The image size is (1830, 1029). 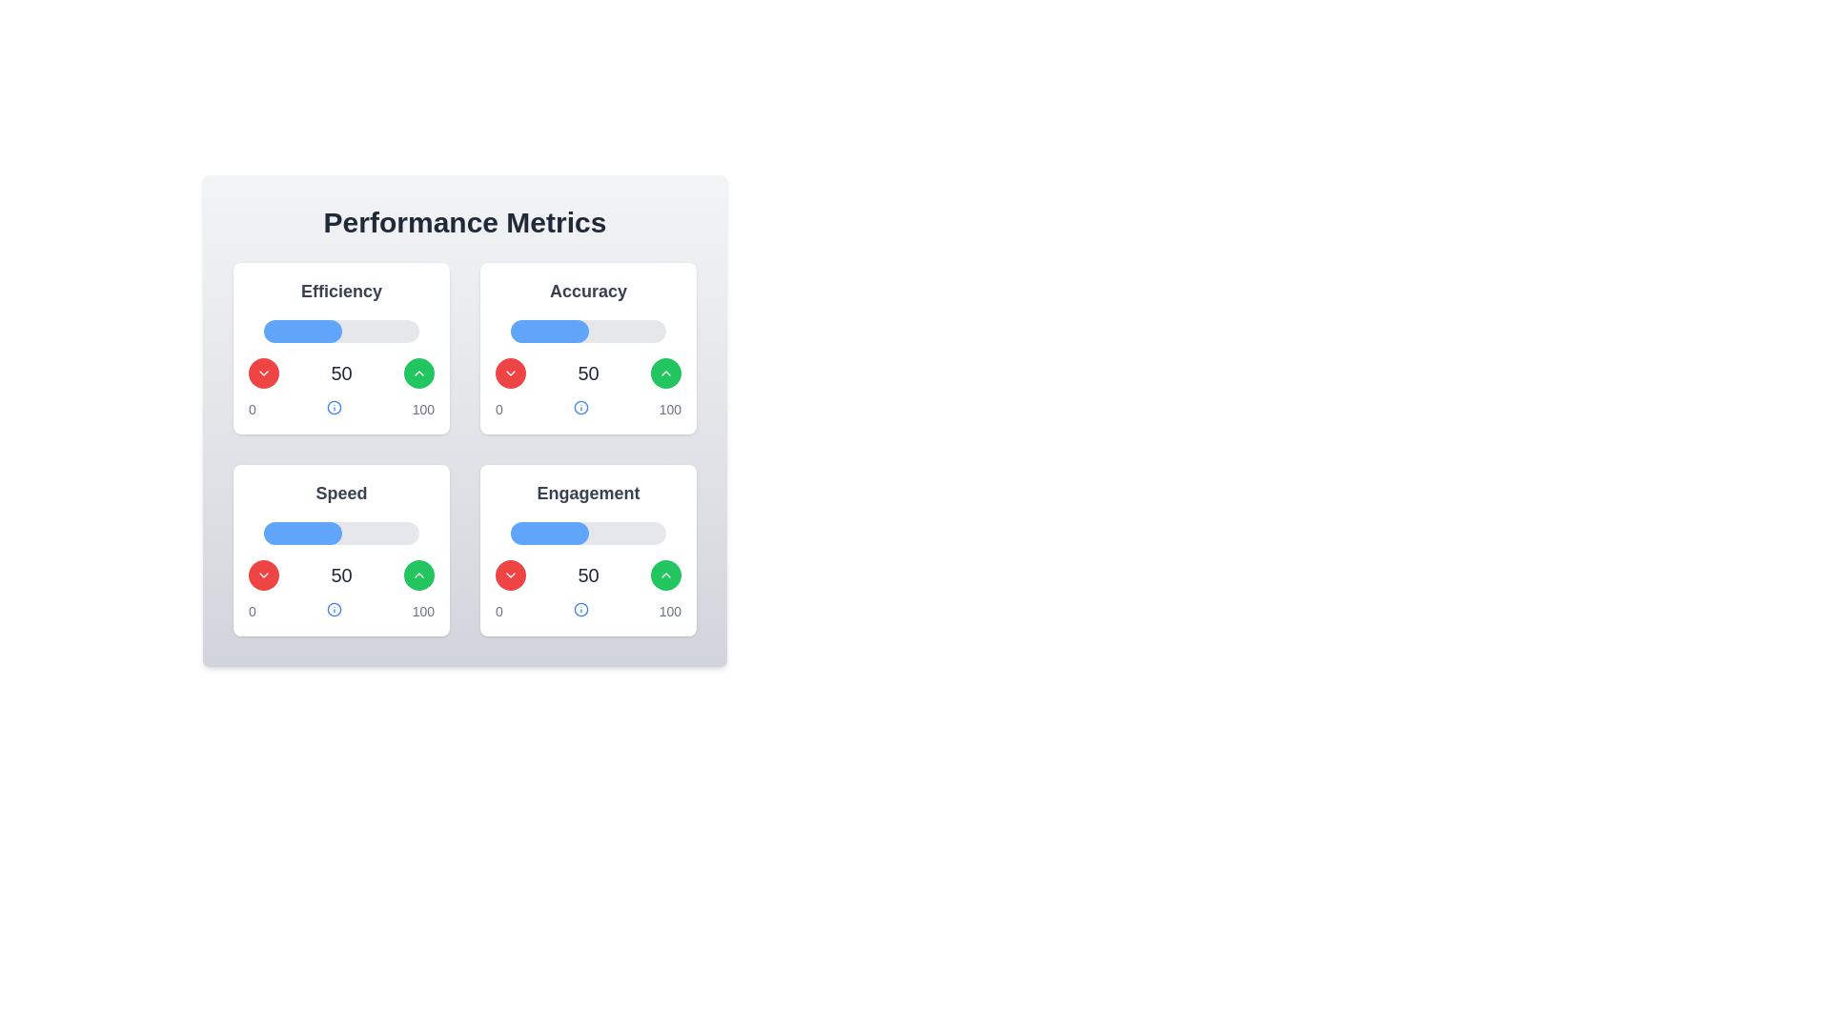 I want to click on the circular button with a red background and white text located in the top row under the 'Accuracy' column, so click(x=511, y=373).